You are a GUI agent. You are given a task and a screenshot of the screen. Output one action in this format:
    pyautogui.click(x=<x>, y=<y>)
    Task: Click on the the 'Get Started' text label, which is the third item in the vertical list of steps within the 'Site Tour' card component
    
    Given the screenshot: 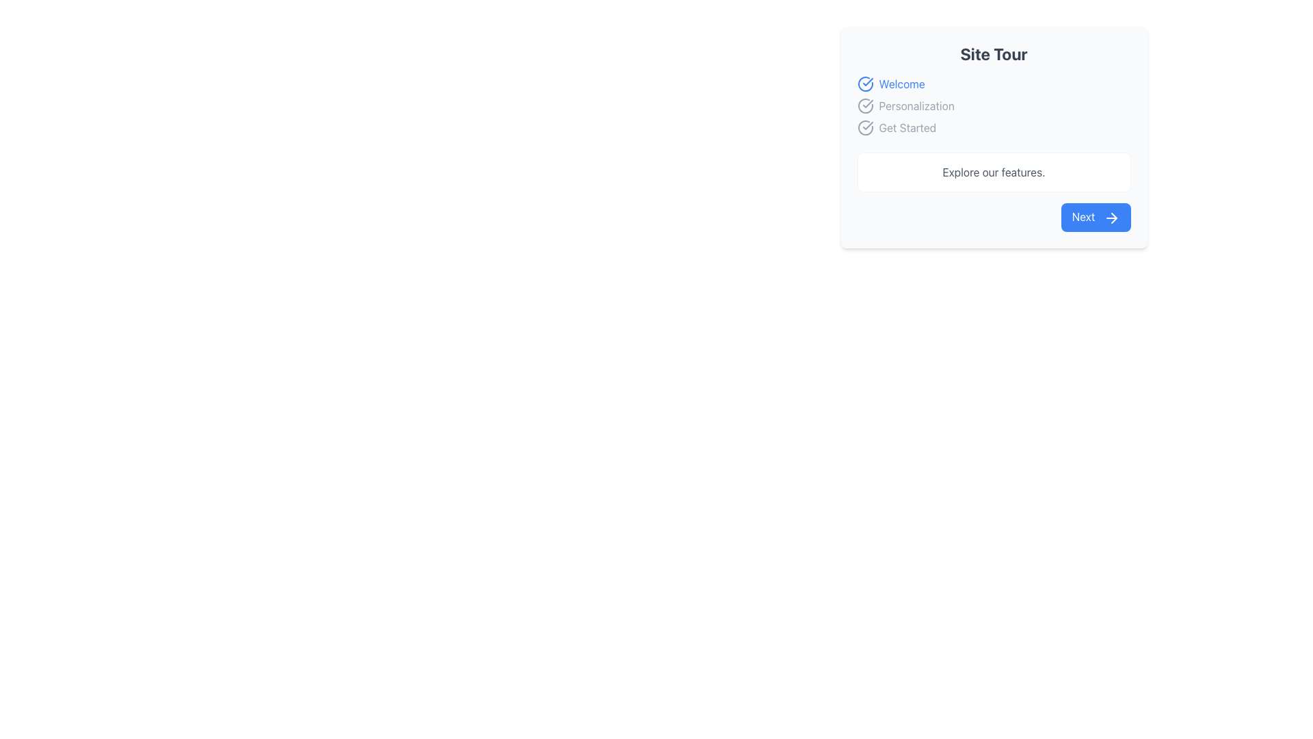 What is the action you would take?
    pyautogui.click(x=907, y=127)
    